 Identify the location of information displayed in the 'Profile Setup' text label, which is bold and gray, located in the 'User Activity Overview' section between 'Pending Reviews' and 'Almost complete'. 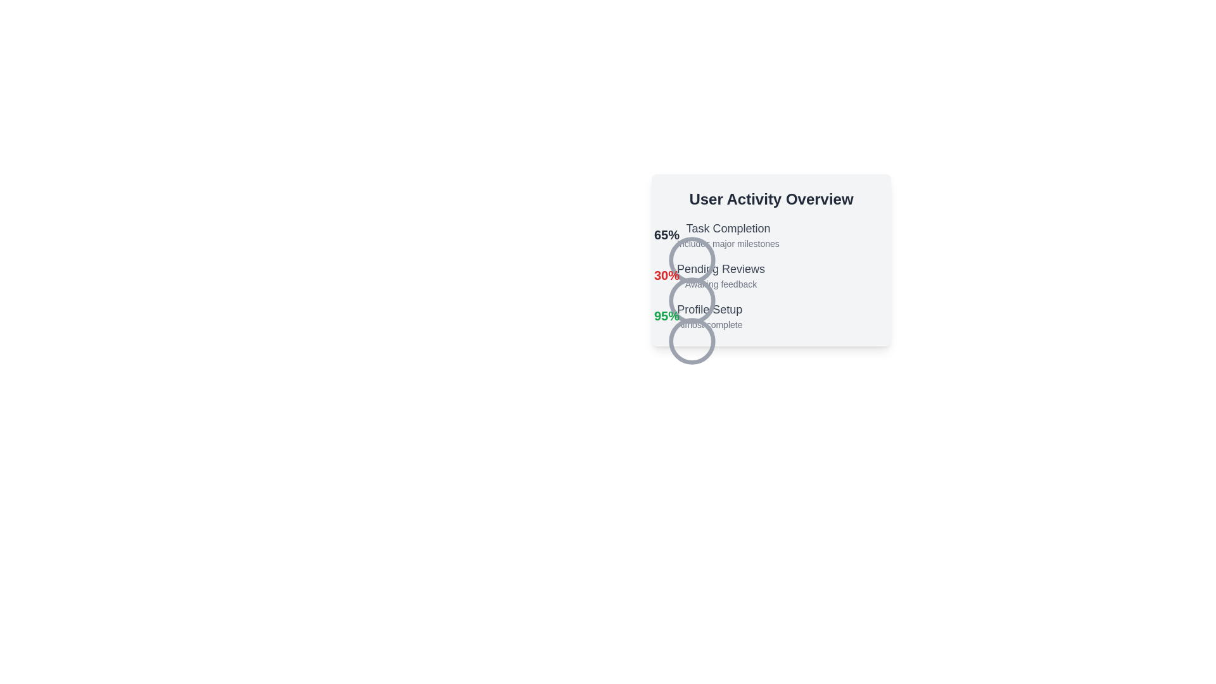
(709, 310).